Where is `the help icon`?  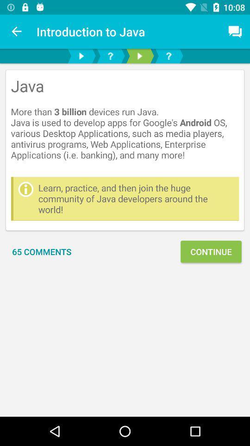 the help icon is located at coordinates (168, 56).